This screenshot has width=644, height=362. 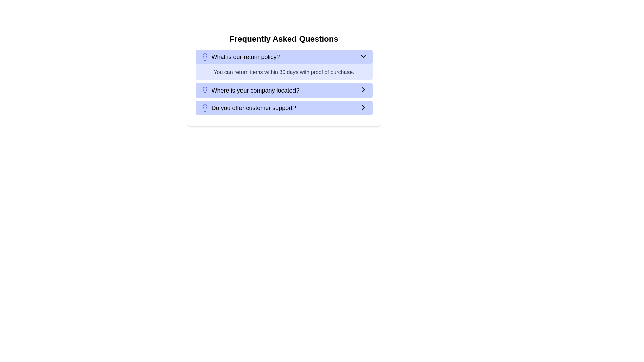 I want to click on the interactive list item that contains the text 'Where is your company located?', so click(x=284, y=90).